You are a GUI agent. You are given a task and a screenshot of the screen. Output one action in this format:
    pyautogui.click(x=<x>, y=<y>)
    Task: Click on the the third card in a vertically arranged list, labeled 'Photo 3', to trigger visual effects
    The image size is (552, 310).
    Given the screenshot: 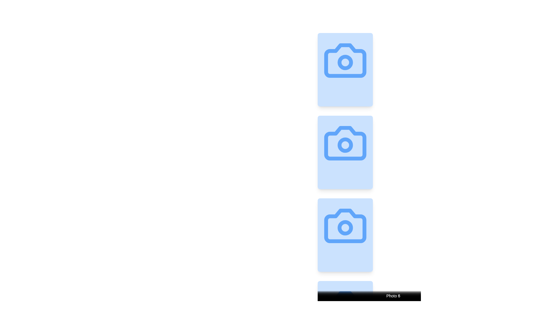 What is the action you would take?
    pyautogui.click(x=345, y=235)
    